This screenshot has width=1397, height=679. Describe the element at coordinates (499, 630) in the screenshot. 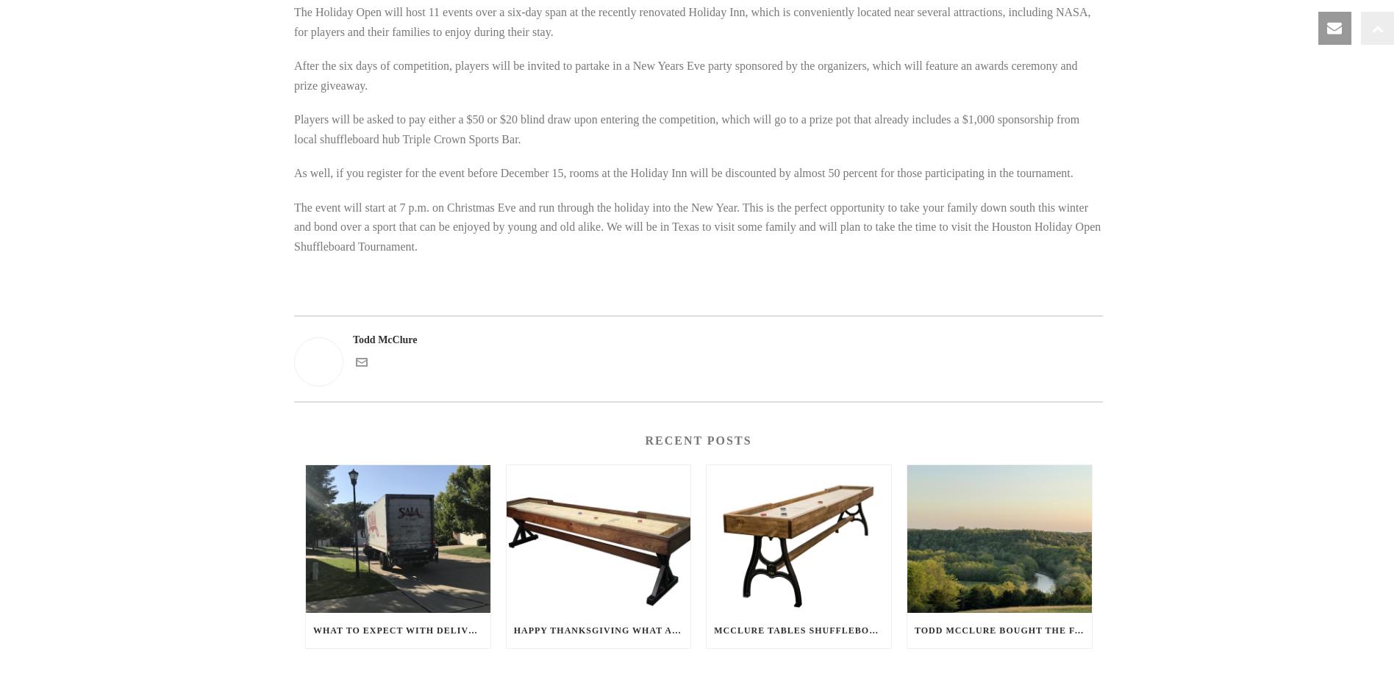

I see `'What to expect with delivery of your new Shuffleboard Table.'` at that location.